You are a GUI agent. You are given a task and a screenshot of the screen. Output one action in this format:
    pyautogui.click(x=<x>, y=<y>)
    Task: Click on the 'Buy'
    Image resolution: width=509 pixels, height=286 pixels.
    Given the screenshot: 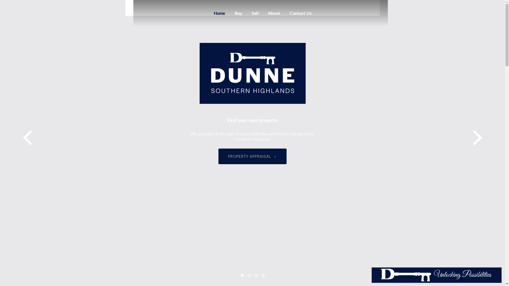 What is the action you would take?
    pyautogui.click(x=234, y=13)
    